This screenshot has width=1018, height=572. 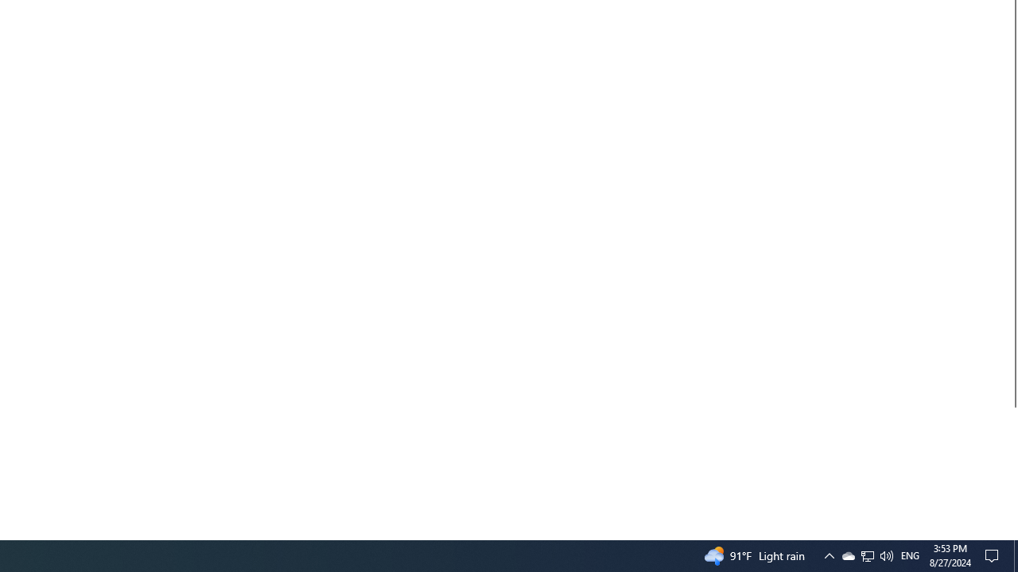 What do you see at coordinates (885, 555) in the screenshot?
I see `'Q2790: 100%'` at bounding box center [885, 555].